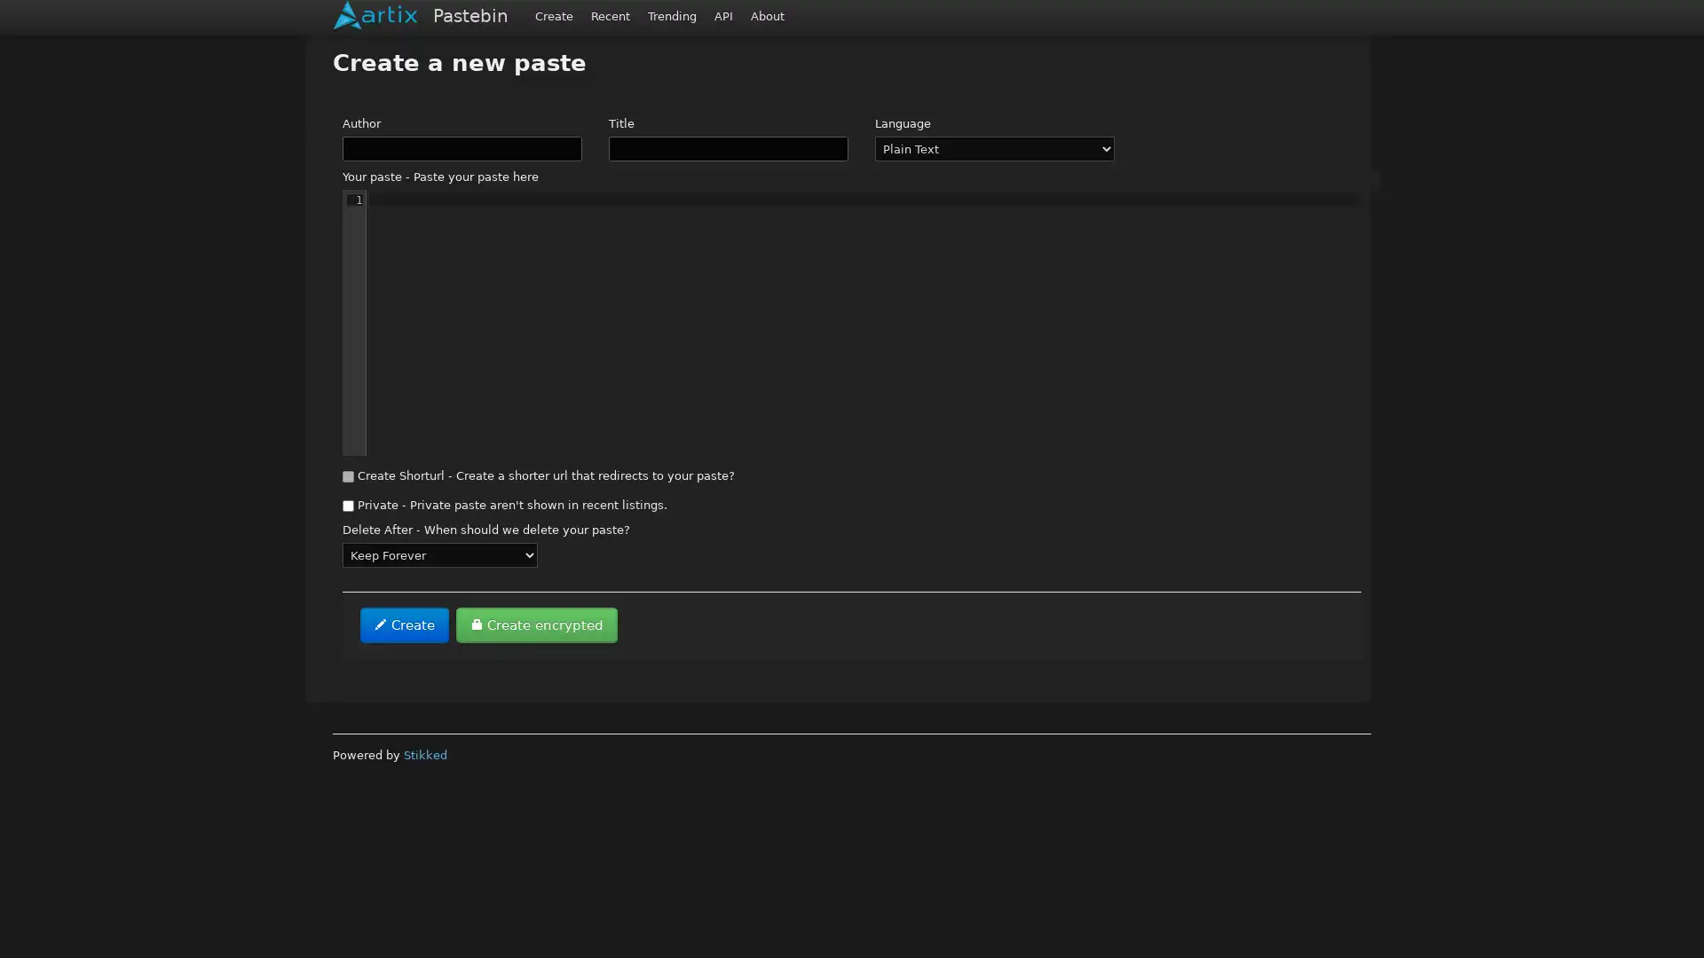 The image size is (1704, 958). Describe the element at coordinates (404, 624) in the screenshot. I see `Create` at that location.